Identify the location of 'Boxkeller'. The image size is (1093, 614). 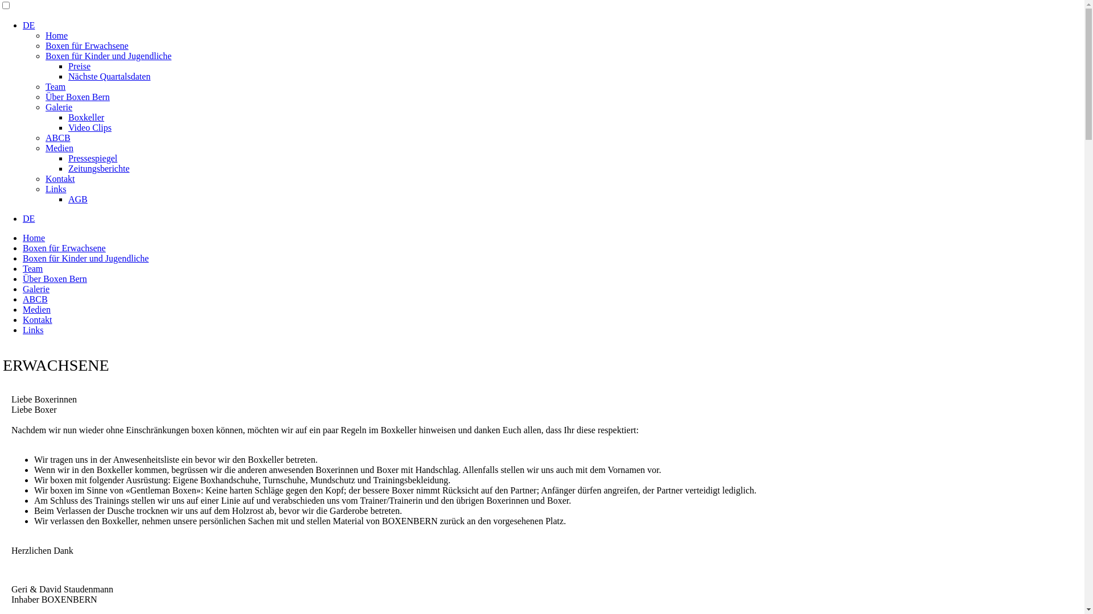
(85, 117).